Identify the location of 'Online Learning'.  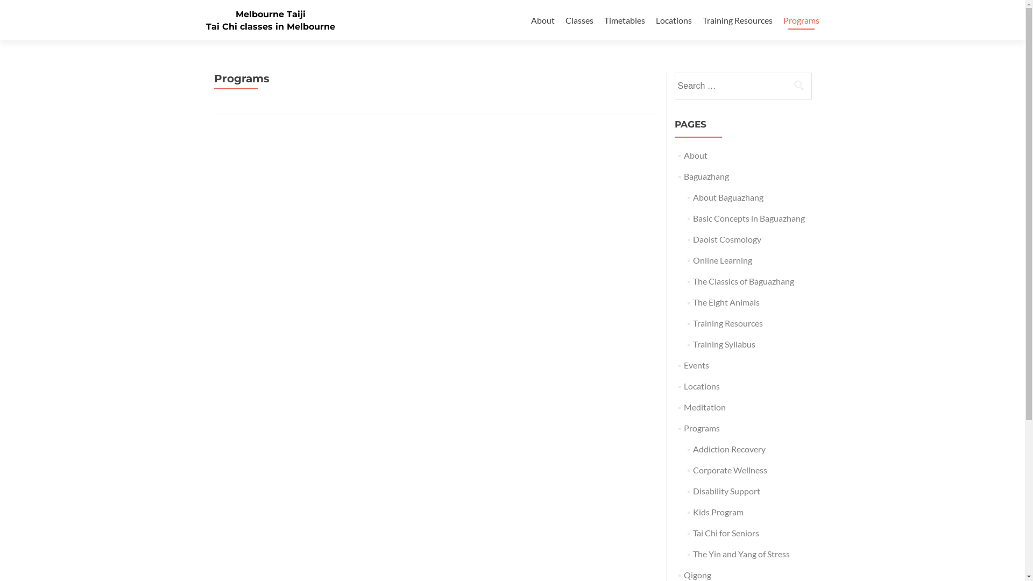
(723, 260).